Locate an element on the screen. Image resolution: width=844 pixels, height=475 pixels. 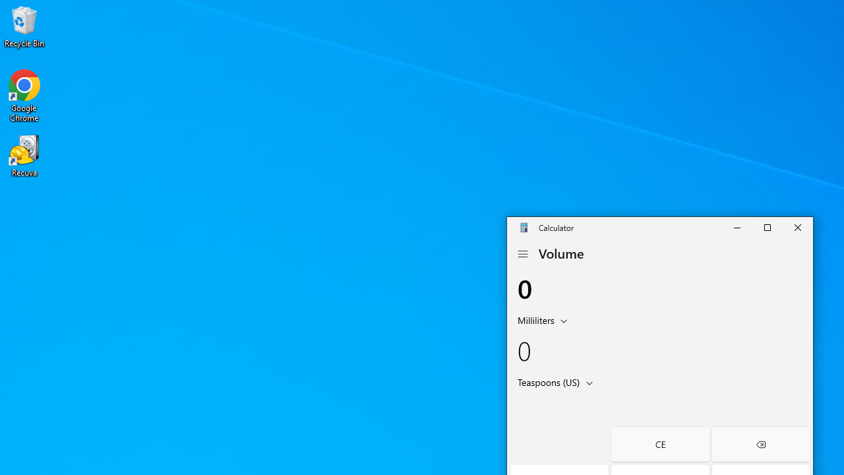
'Backspace' is located at coordinates (760, 444).